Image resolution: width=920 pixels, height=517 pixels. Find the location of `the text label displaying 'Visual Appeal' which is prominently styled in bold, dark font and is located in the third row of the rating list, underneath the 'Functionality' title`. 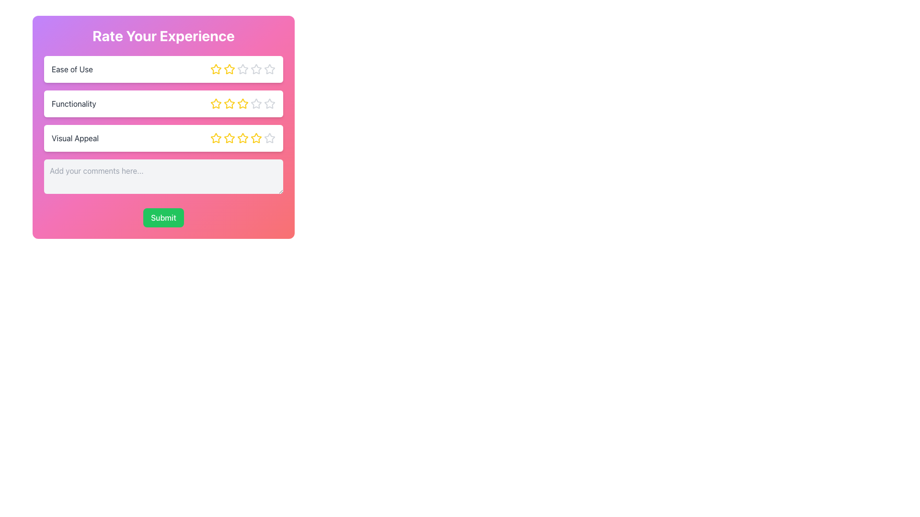

the text label displaying 'Visual Appeal' which is prominently styled in bold, dark font and is located in the third row of the rating list, underneath the 'Functionality' title is located at coordinates (75, 138).